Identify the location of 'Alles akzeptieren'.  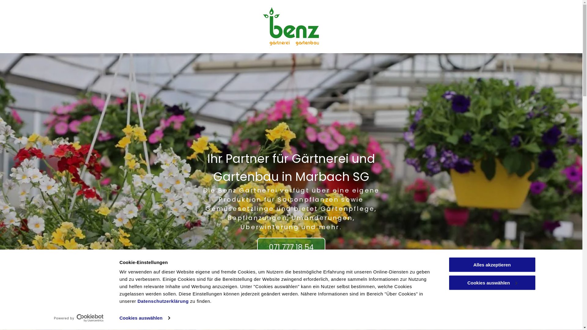
(492, 264).